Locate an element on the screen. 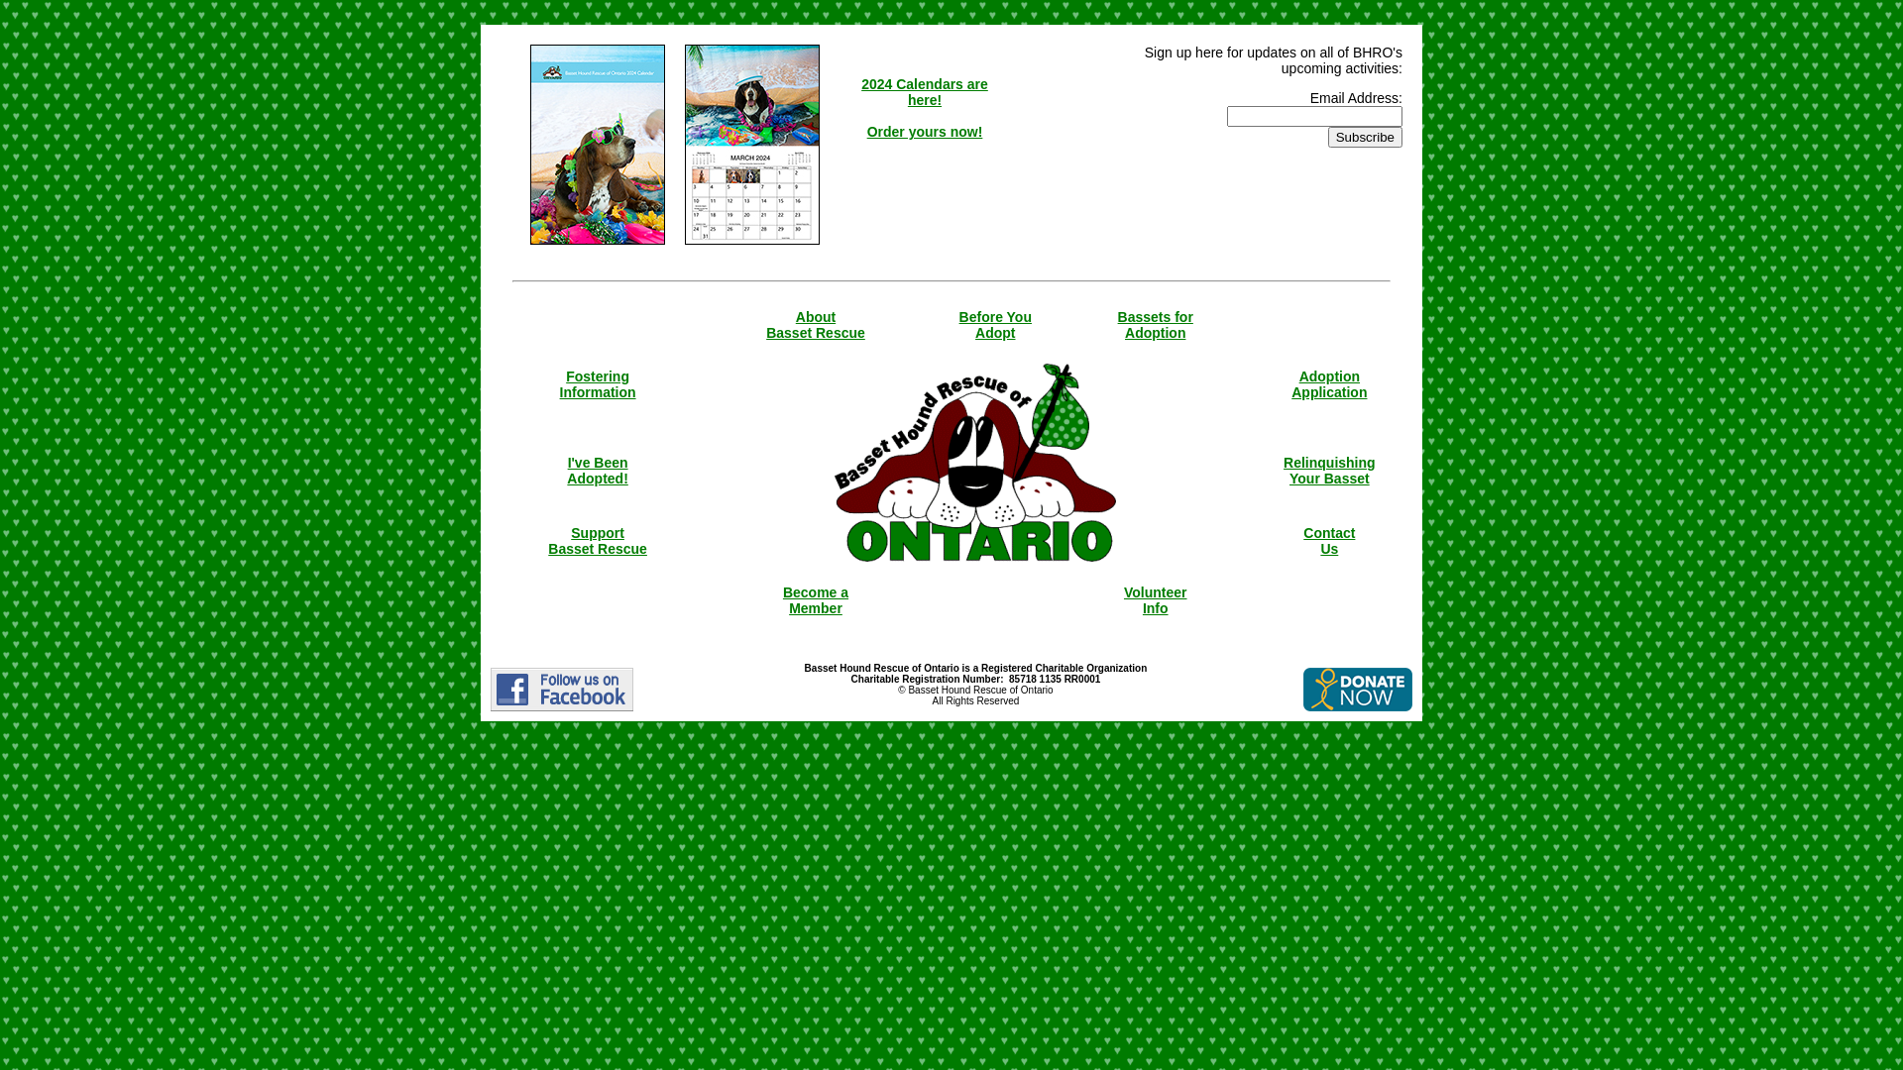  'Before You is located at coordinates (995, 323).